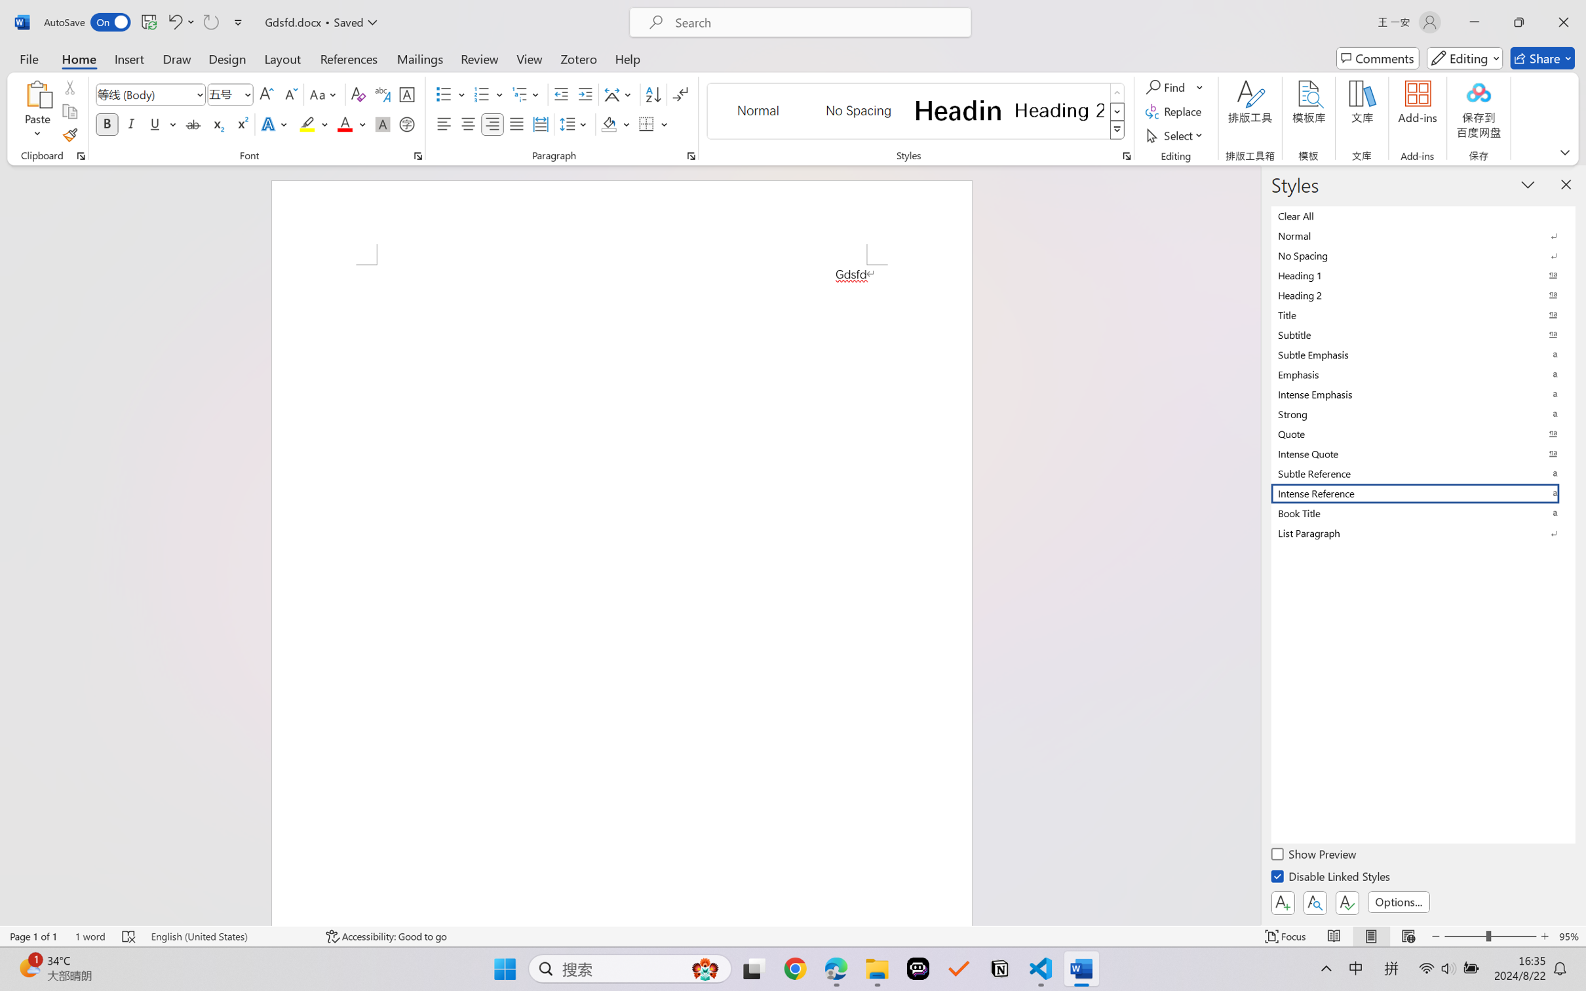 The height and width of the screenshot is (991, 1586). Describe the element at coordinates (1116, 92) in the screenshot. I see `'Row up'` at that location.